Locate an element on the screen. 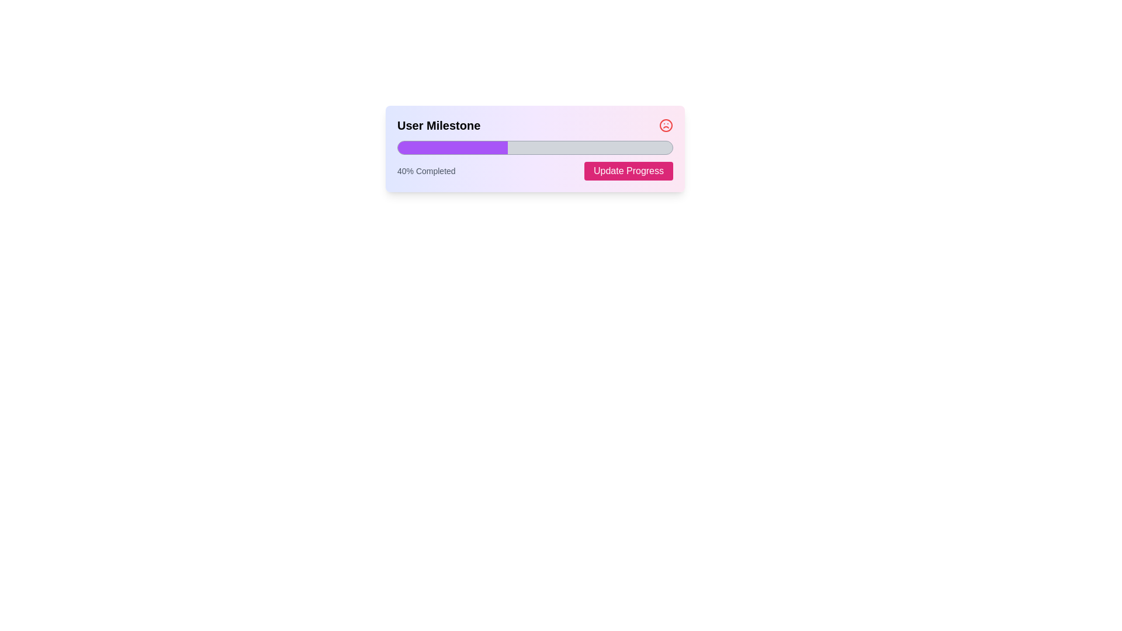 This screenshot has height=631, width=1122. the filled portion of the progress bar, which is purple and represents 40% completion, located under the 'User Milestone' label is located at coordinates (452, 147).